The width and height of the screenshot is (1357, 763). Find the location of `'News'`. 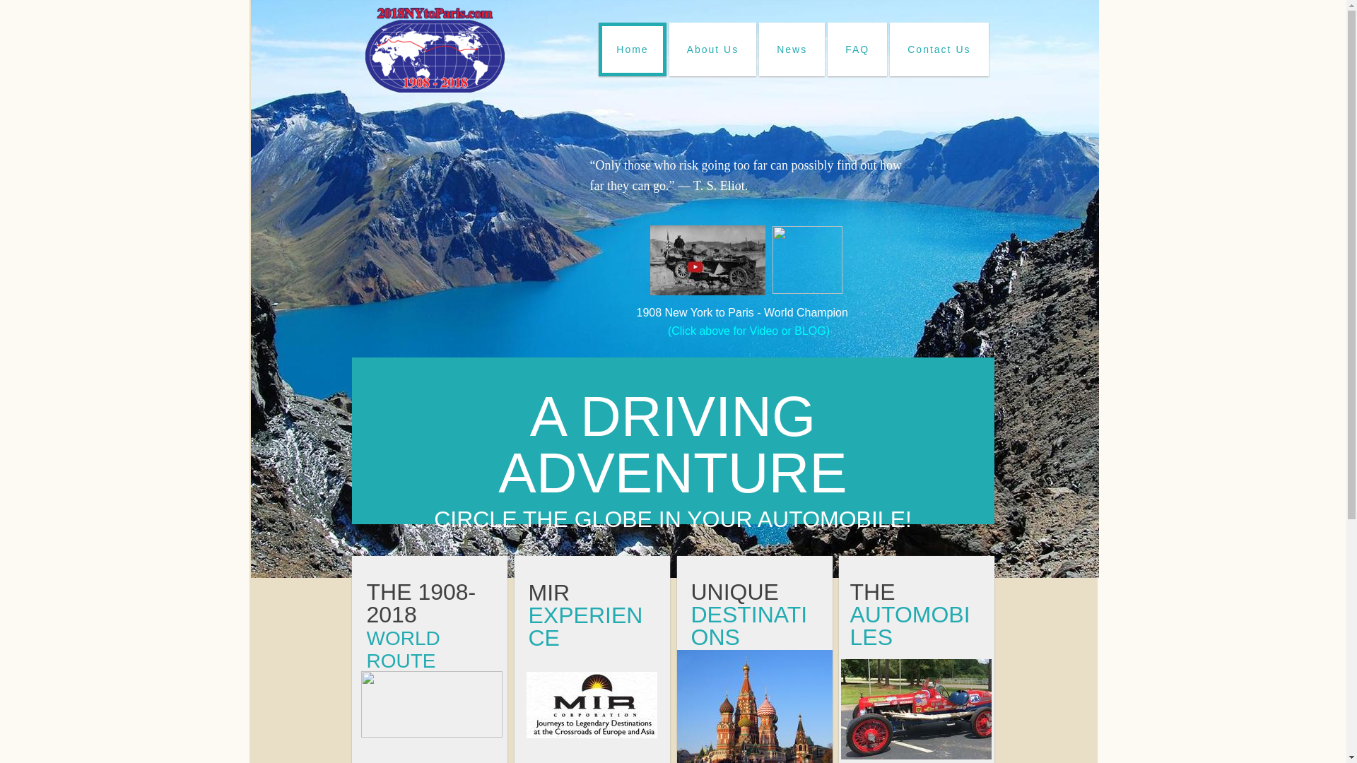

'News' is located at coordinates (792, 48).